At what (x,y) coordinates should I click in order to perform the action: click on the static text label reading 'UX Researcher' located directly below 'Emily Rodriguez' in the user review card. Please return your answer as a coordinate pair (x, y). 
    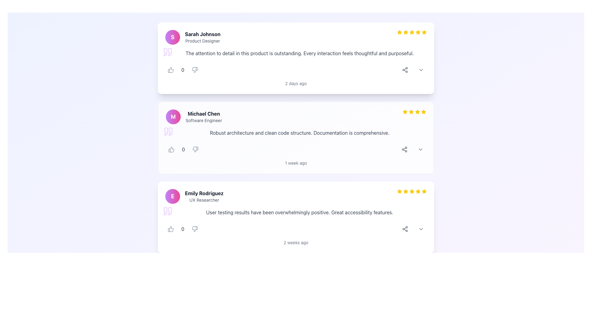
    Looking at the image, I should click on (204, 200).